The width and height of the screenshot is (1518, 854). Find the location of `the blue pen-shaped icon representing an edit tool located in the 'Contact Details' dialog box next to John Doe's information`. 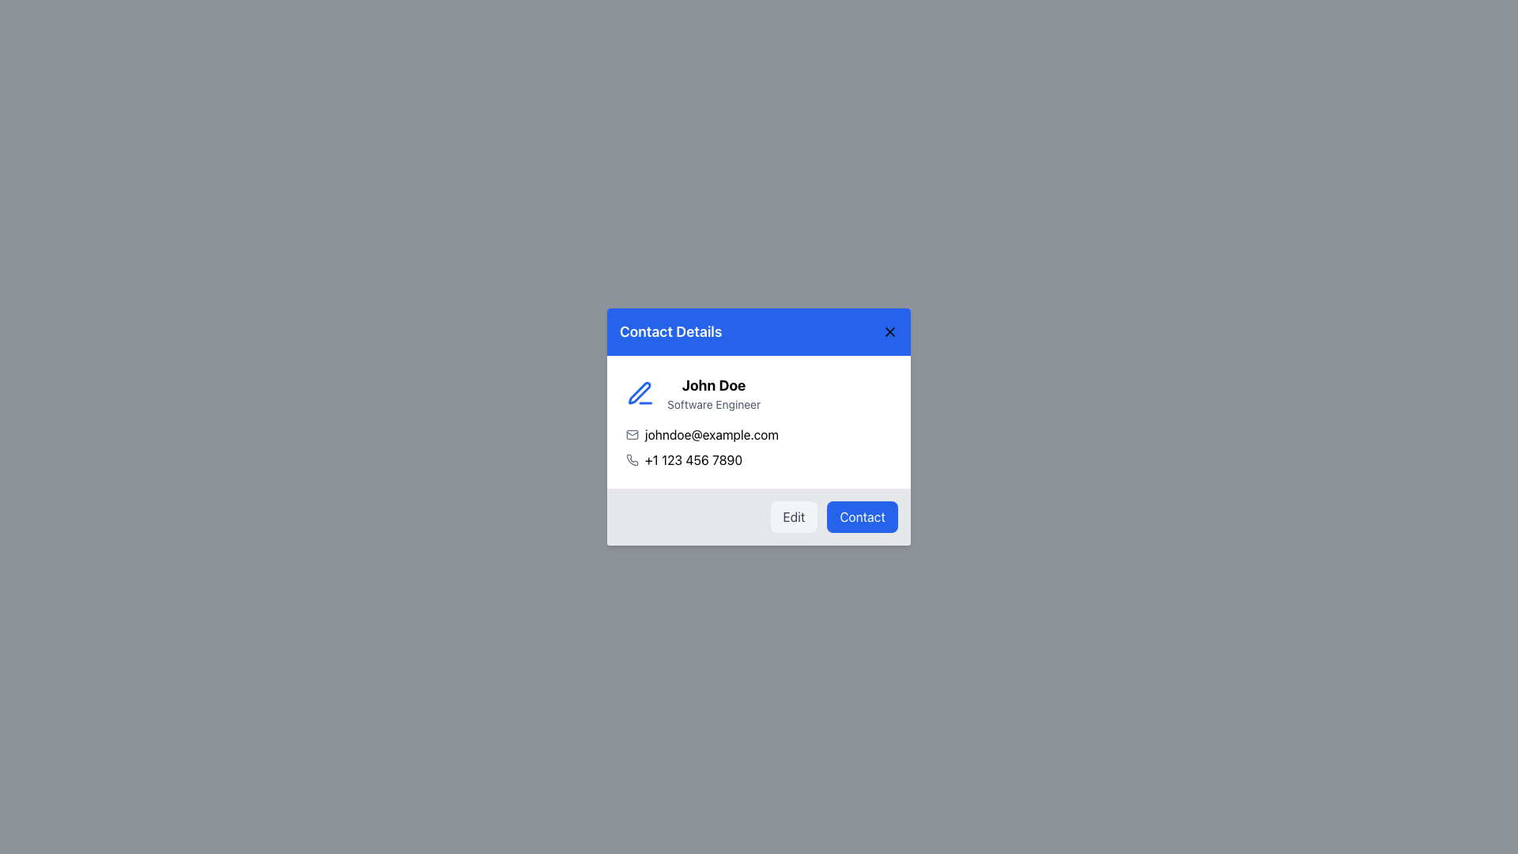

the blue pen-shaped icon representing an edit tool located in the 'Contact Details' dialog box next to John Doe's information is located at coordinates (640, 392).